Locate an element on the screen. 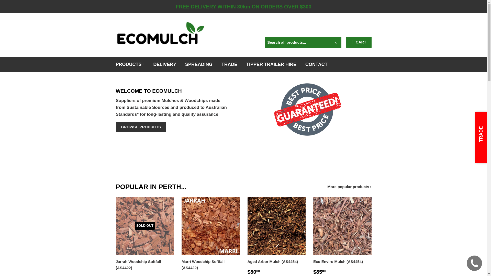 Image resolution: width=491 pixels, height=276 pixels. 'Call 1300 850 660' is located at coordinates (346, 25).